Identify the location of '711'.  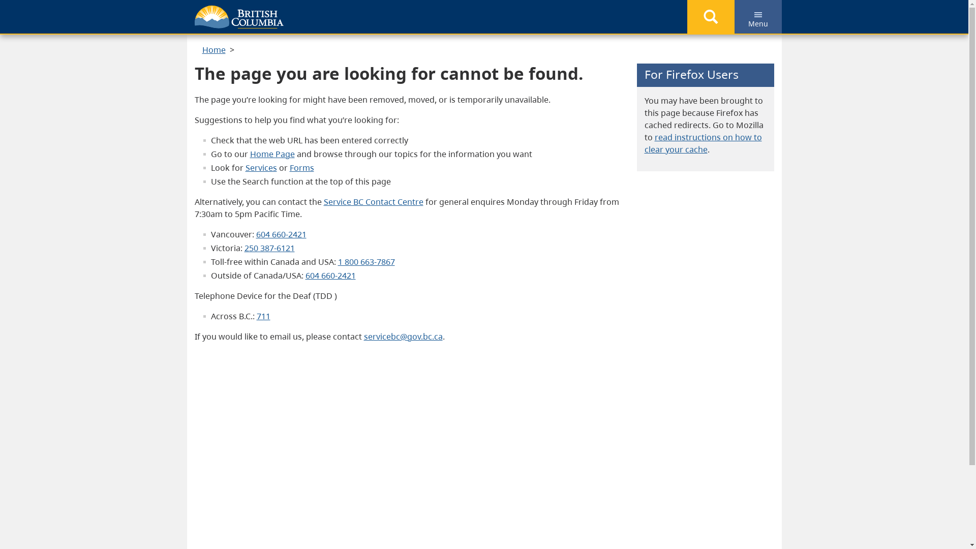
(263, 315).